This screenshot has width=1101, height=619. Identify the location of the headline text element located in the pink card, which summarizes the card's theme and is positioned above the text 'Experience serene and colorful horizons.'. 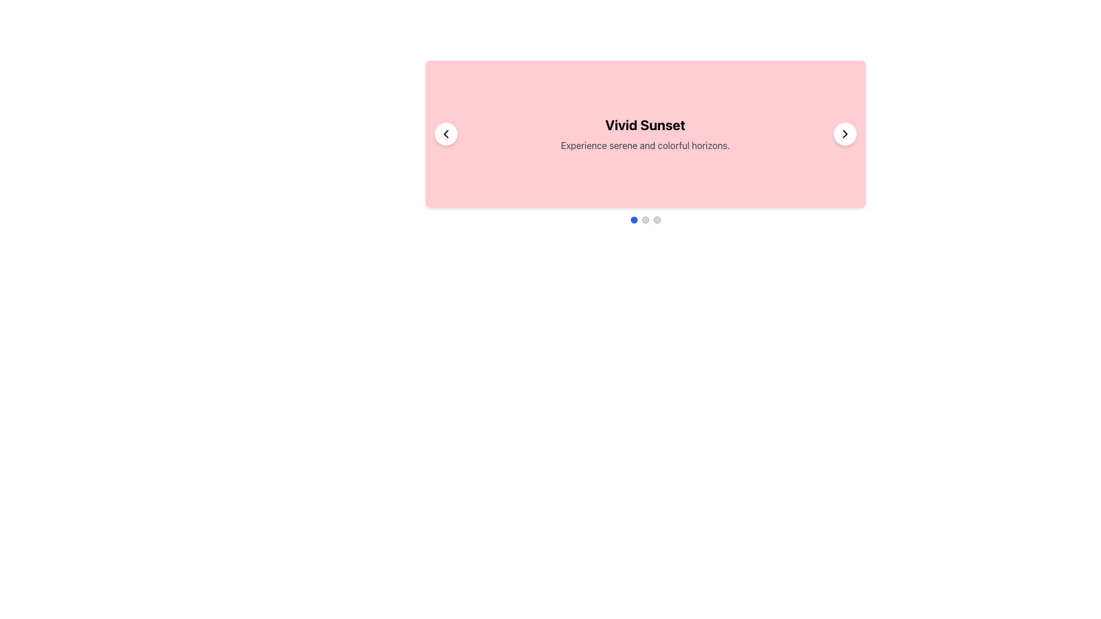
(645, 125).